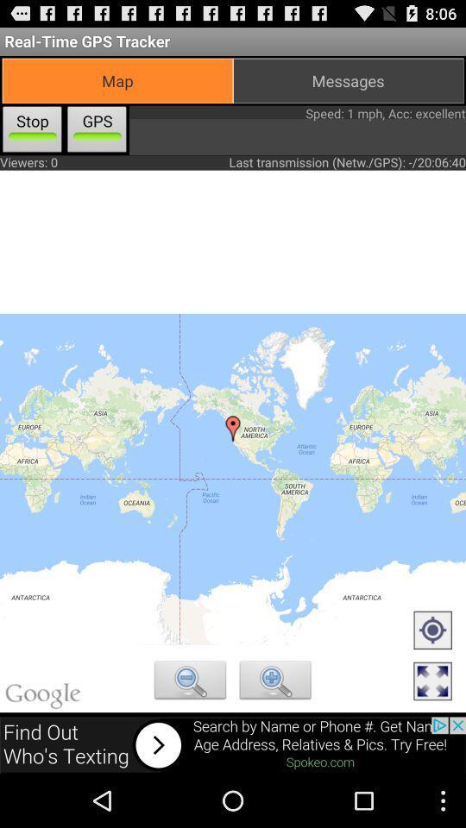 This screenshot has width=466, height=828. I want to click on search addrress, so click(189, 682).